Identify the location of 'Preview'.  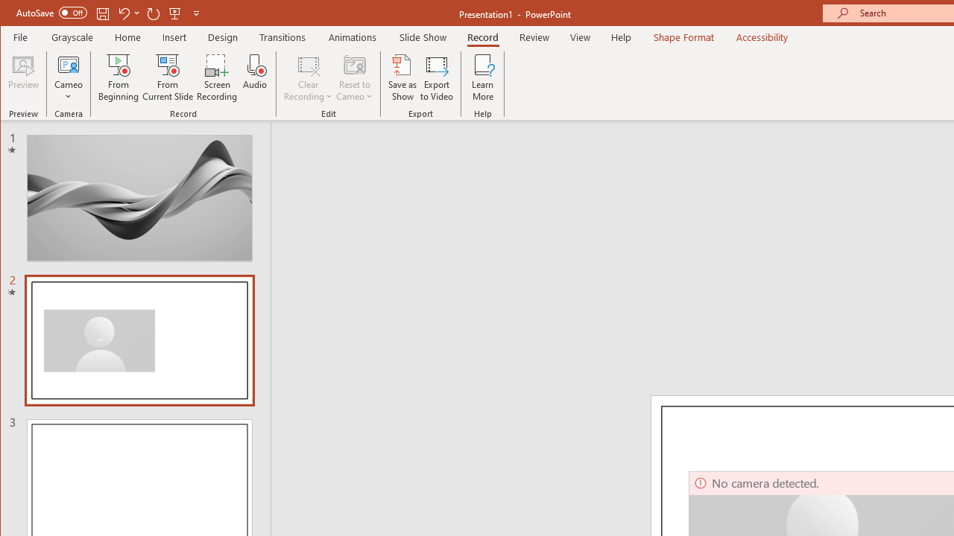
(24, 77).